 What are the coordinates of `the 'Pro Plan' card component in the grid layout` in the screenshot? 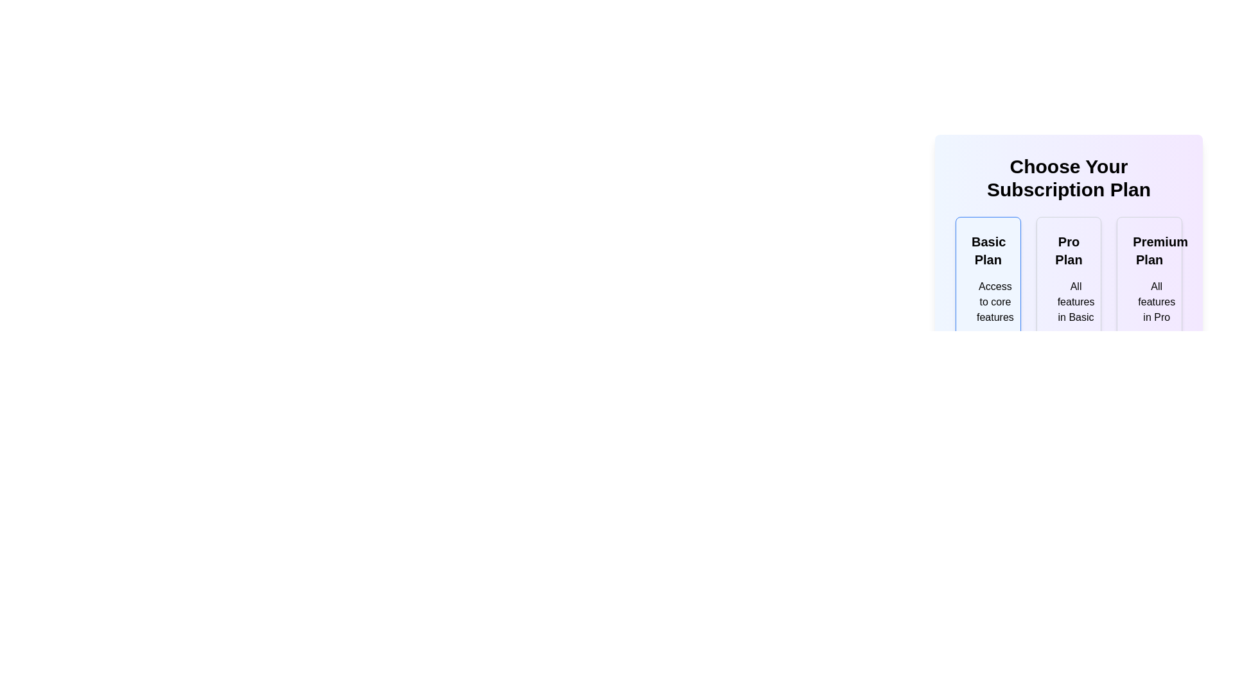 It's located at (1069, 336).